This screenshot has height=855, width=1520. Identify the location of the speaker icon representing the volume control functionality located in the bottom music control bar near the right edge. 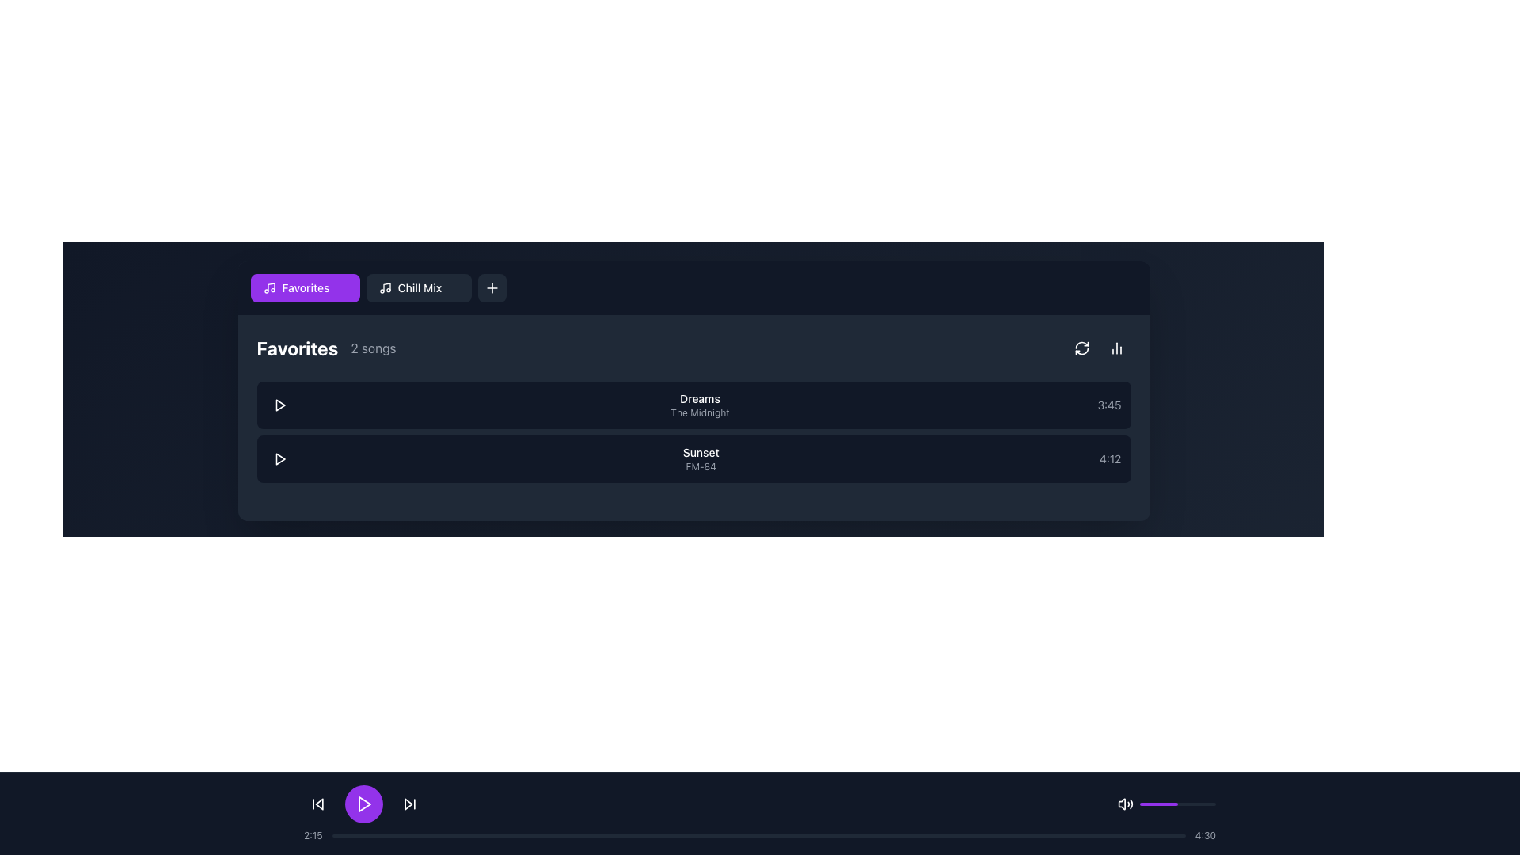
(1121, 804).